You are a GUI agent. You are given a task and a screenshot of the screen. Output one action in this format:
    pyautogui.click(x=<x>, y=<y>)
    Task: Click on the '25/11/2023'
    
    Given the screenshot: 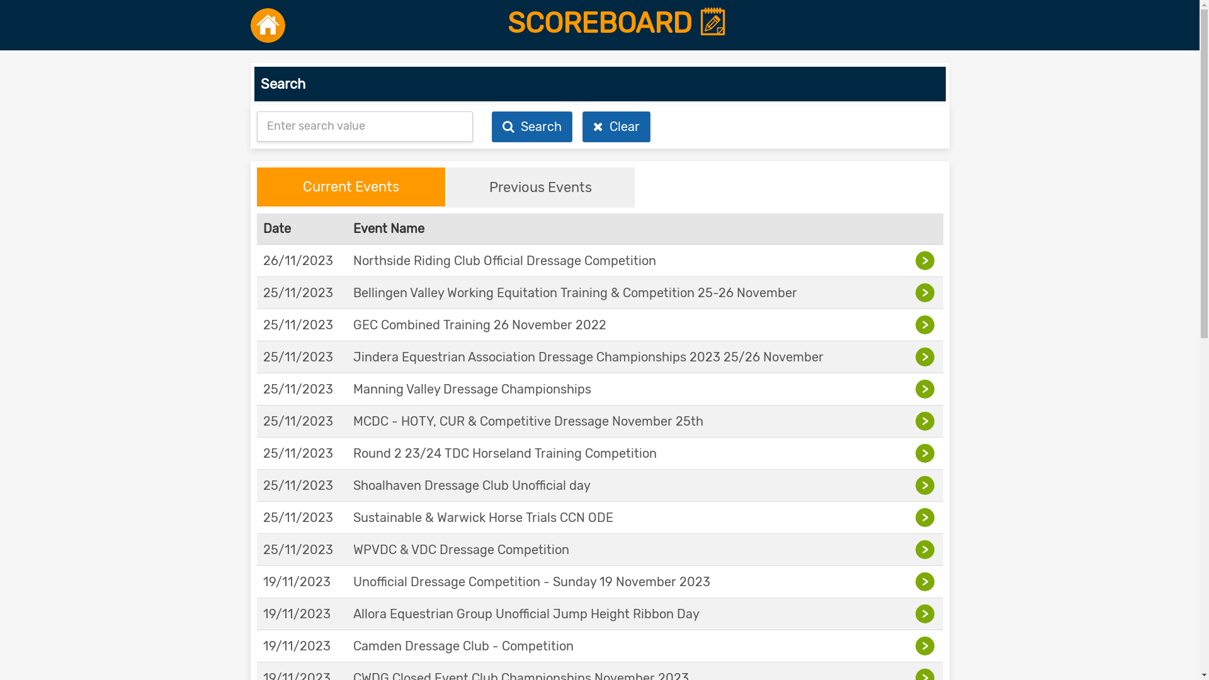 What is the action you would take?
    pyautogui.click(x=262, y=324)
    